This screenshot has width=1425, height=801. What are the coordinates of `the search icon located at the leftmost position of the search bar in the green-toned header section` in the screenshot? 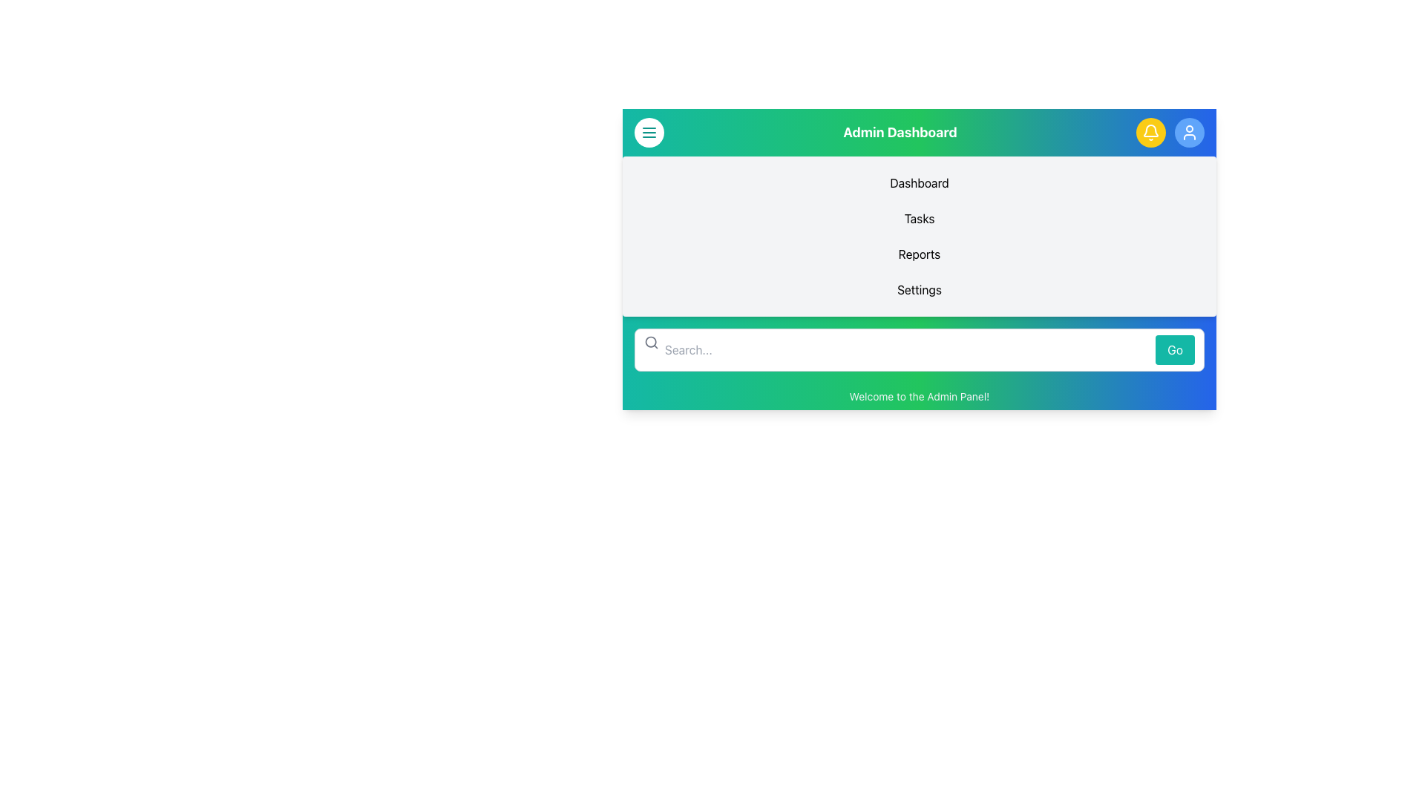 It's located at (652, 343).